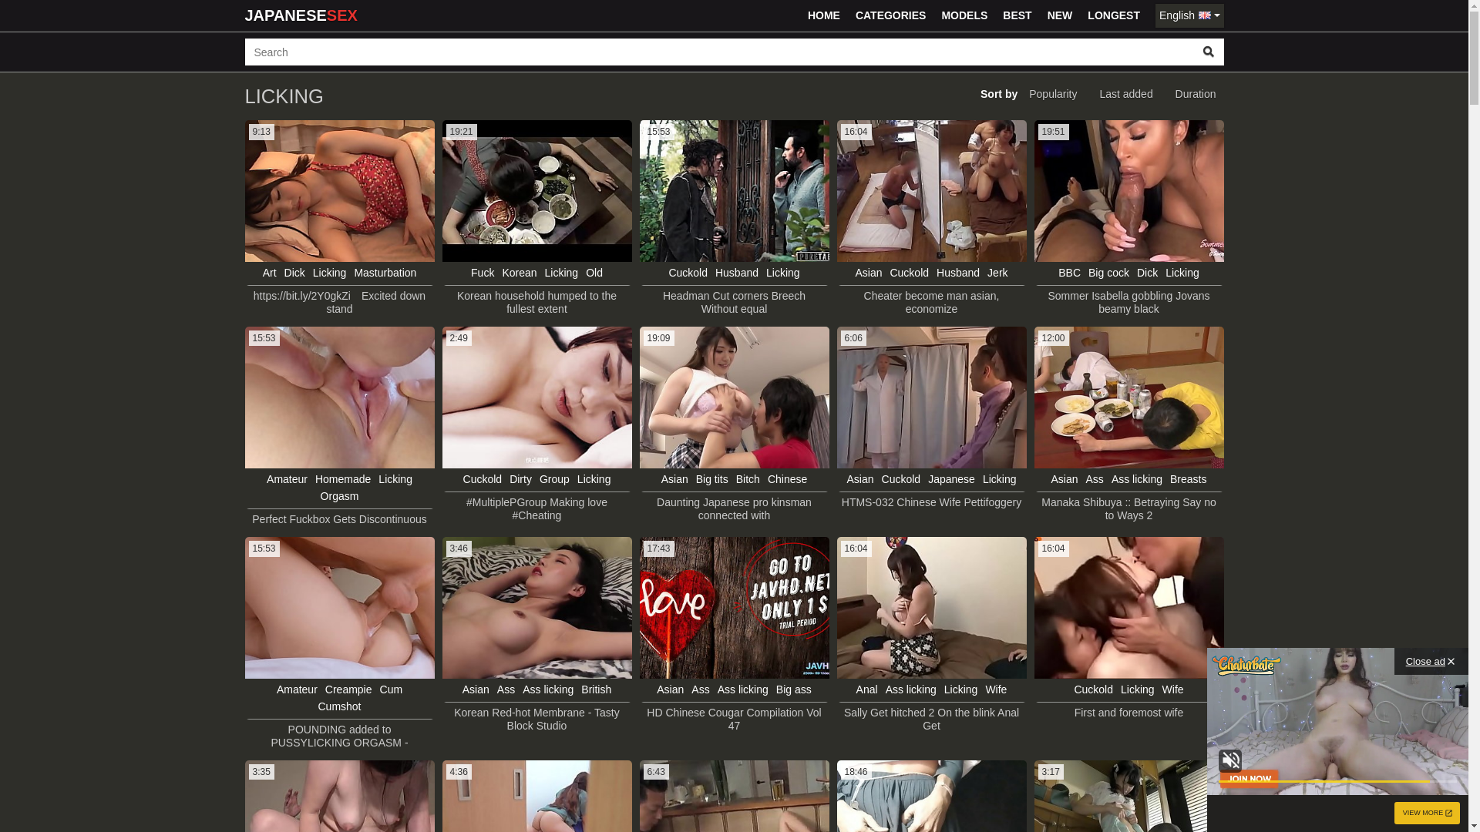 The image size is (1480, 832). Describe the element at coordinates (1208, 51) in the screenshot. I see `'Search'` at that location.